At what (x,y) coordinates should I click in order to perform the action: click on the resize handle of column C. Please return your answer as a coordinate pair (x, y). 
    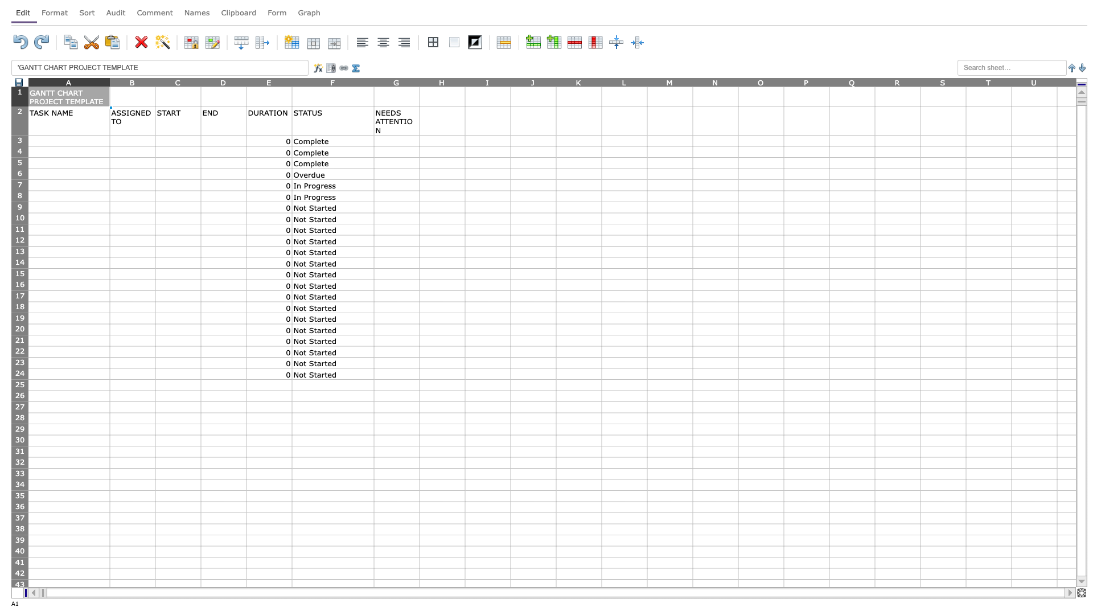
    Looking at the image, I should click on (201, 81).